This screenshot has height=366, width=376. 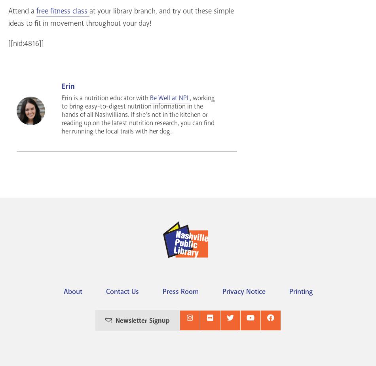 What do you see at coordinates (138, 114) in the screenshot?
I see `', working to bring easy-to-digest nutrition information in the hands of all Nashvillians. If she's not in the kitchen or reading up on the latest nutrition research, you can find her running the local trails with her dog.'` at bounding box center [138, 114].